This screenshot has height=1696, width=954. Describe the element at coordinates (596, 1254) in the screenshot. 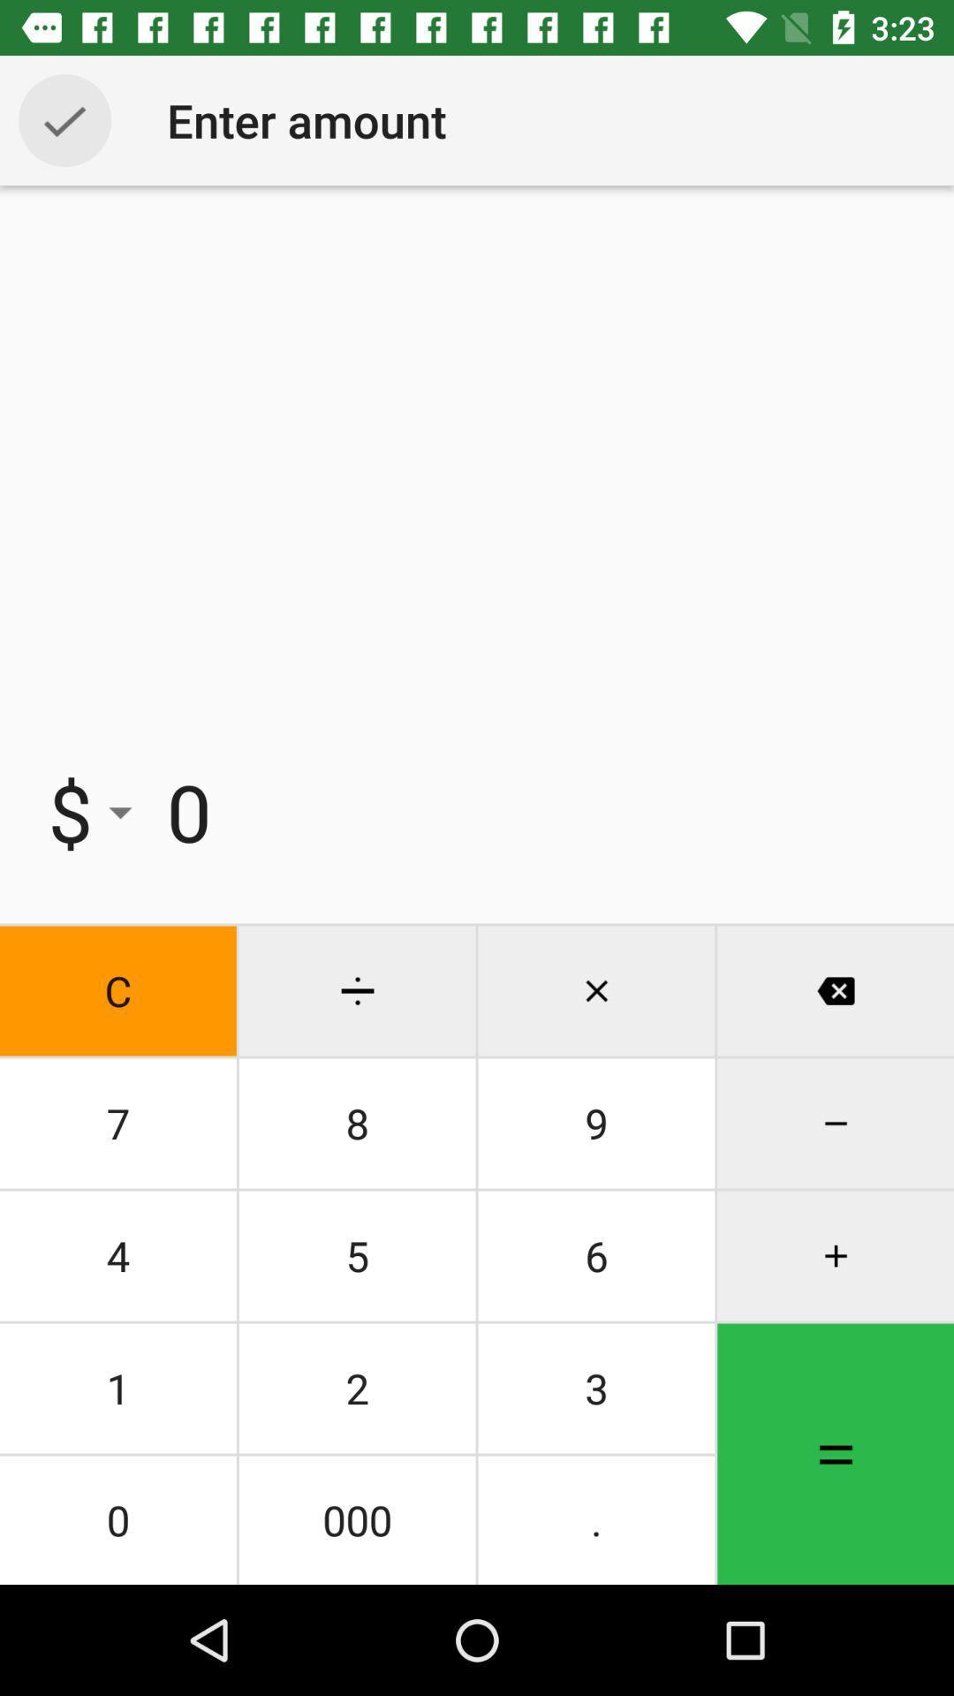

I see `the icon below 8` at that location.